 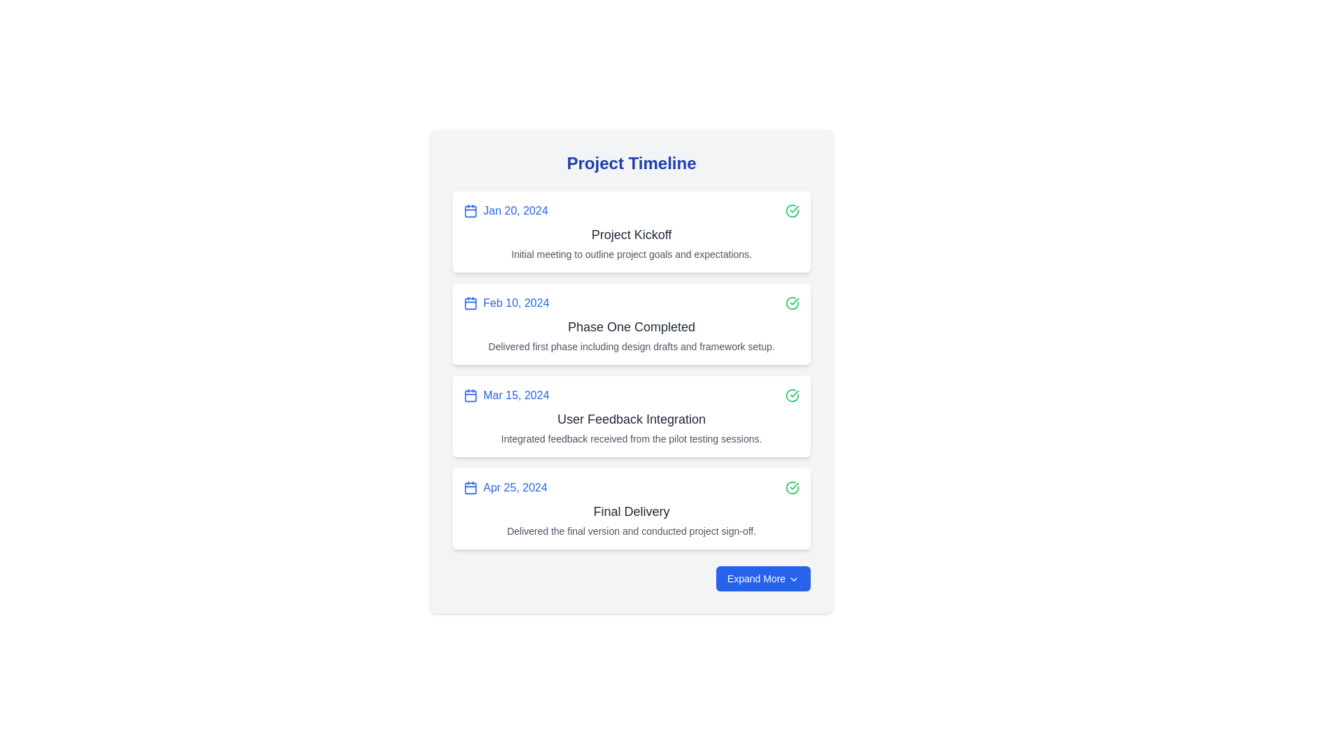 I want to click on the central rectangle of the calendar icon, which serves as the main area of the calendar graphic, so click(x=470, y=210).